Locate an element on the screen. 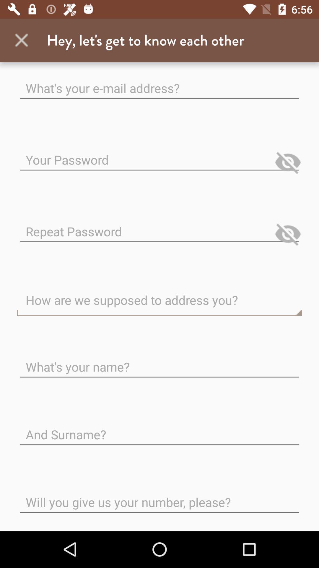 Image resolution: width=319 pixels, height=568 pixels. reenter password is located at coordinates (159, 226).